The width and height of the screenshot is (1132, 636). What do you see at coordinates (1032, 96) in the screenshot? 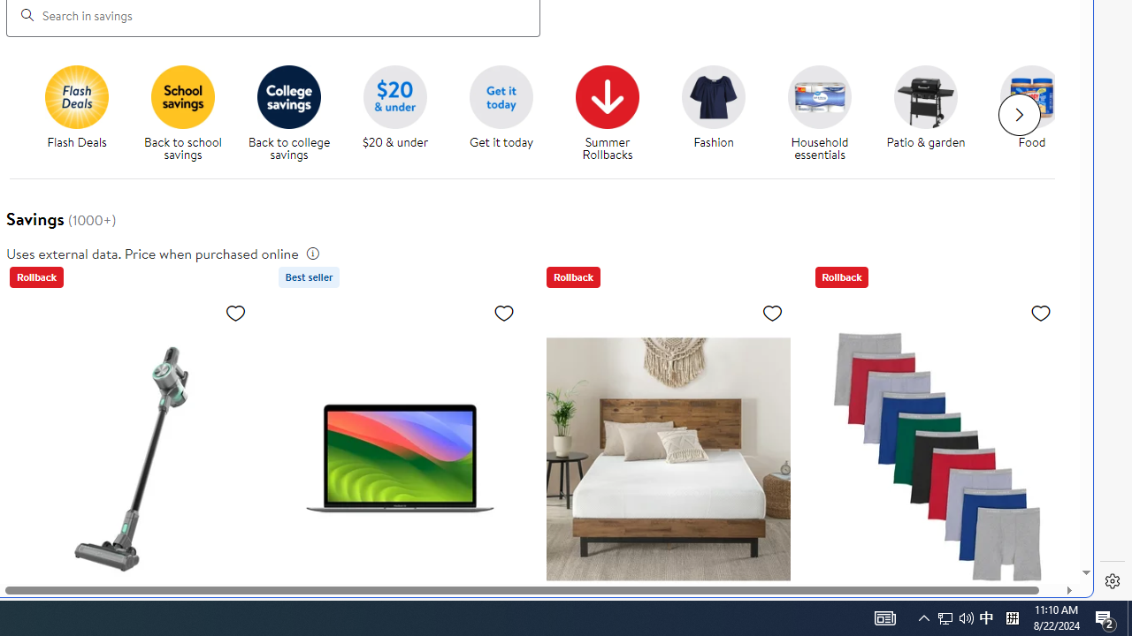
I see `'Food'` at bounding box center [1032, 96].